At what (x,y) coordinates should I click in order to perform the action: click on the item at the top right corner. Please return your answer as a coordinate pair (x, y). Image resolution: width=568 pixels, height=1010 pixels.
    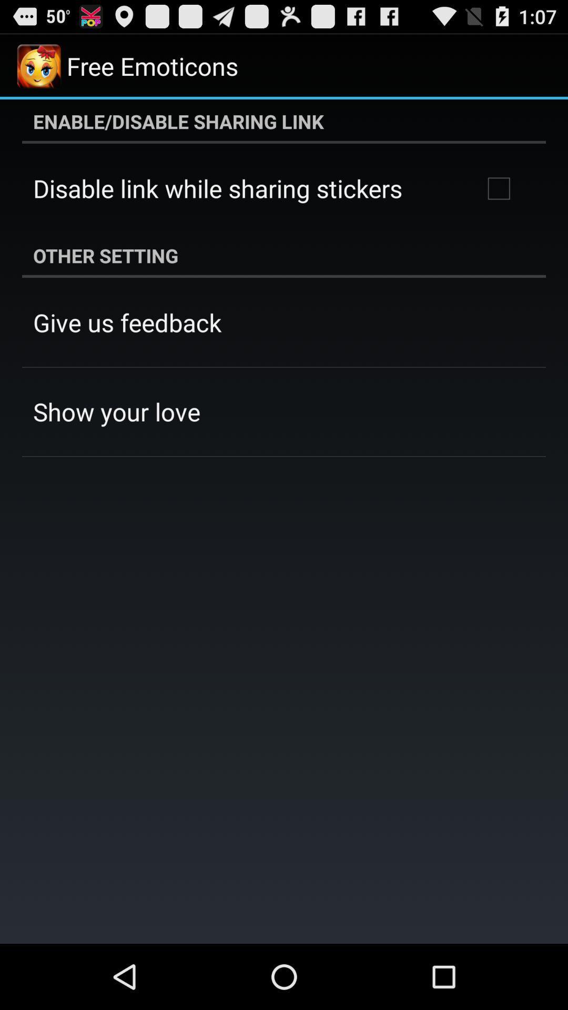
    Looking at the image, I should click on (498, 188).